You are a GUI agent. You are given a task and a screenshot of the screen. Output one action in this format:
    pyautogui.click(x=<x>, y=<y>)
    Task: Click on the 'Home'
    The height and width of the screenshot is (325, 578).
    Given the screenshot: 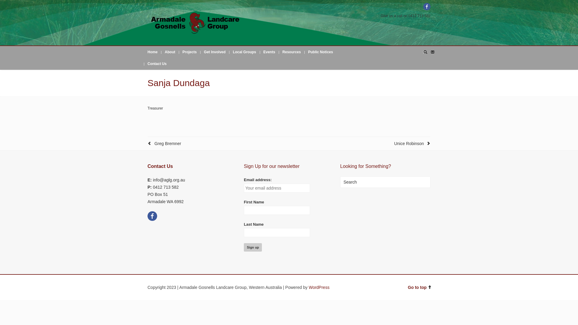 What is the action you would take?
    pyautogui.click(x=152, y=52)
    